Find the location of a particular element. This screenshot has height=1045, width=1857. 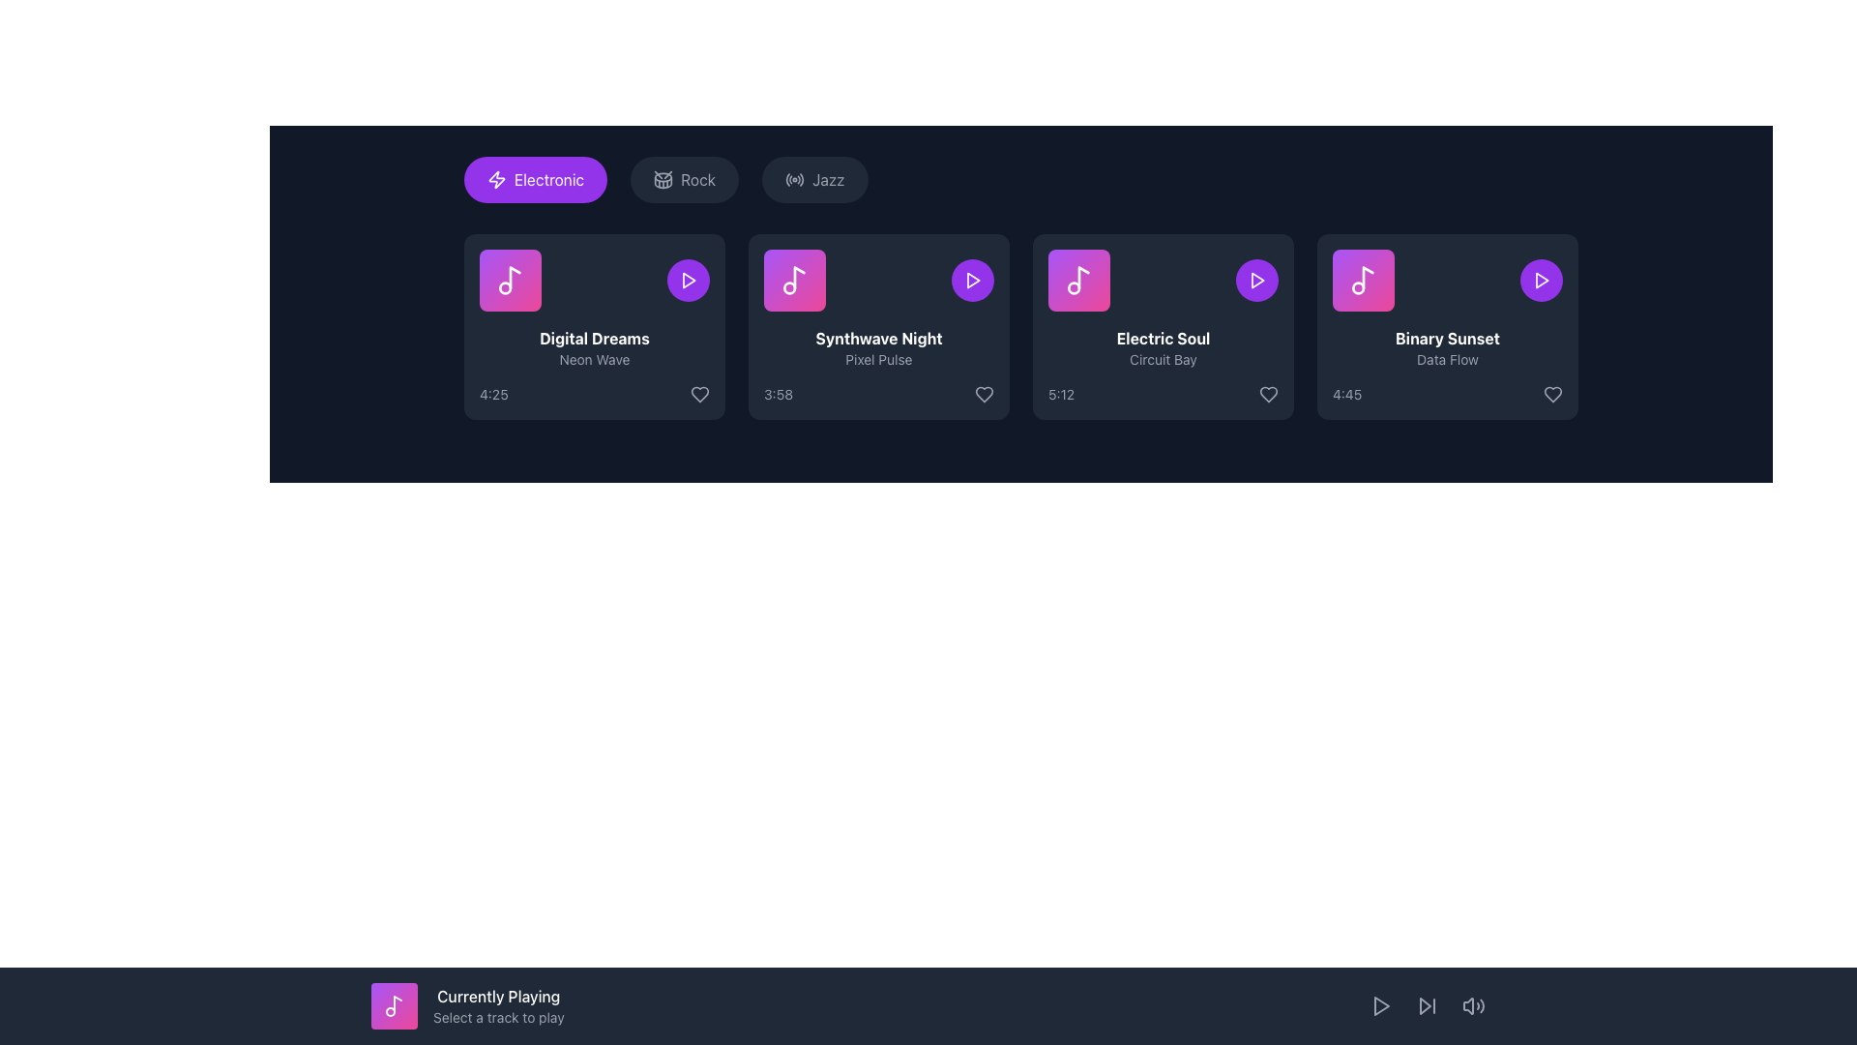

the triangular play button with a purple background located at the top-right corner of the 'Binary Sunset' music card to initiate playback is located at coordinates (1540, 280).